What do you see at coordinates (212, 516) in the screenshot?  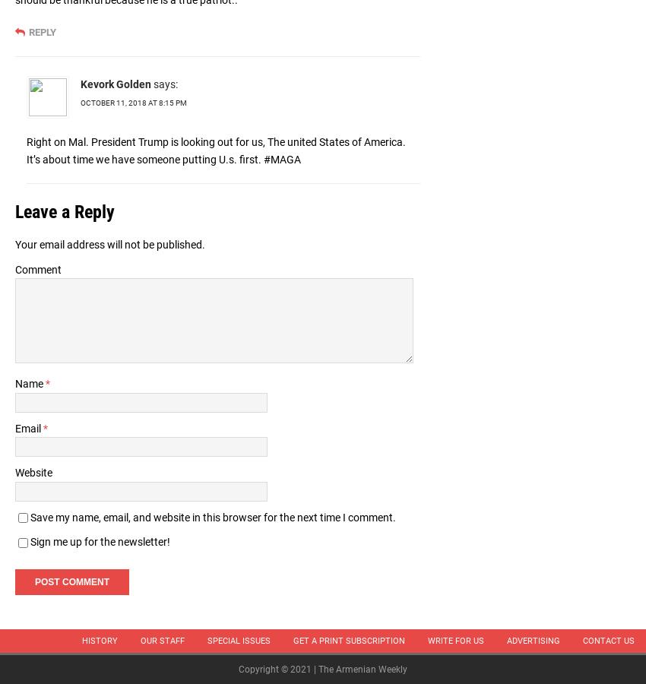 I see `'Save my name, email, and website in this browser for the next time I comment.'` at bounding box center [212, 516].